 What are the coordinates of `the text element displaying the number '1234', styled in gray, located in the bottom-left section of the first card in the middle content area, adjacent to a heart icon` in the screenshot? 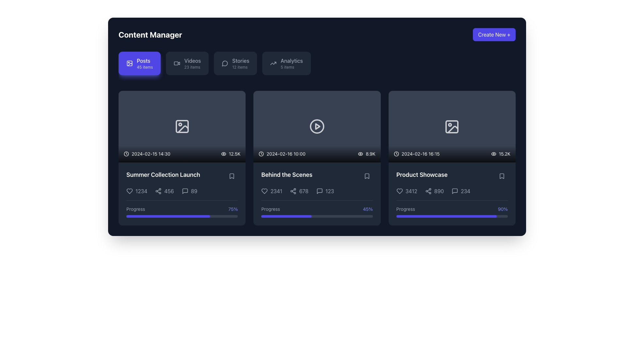 It's located at (137, 191).